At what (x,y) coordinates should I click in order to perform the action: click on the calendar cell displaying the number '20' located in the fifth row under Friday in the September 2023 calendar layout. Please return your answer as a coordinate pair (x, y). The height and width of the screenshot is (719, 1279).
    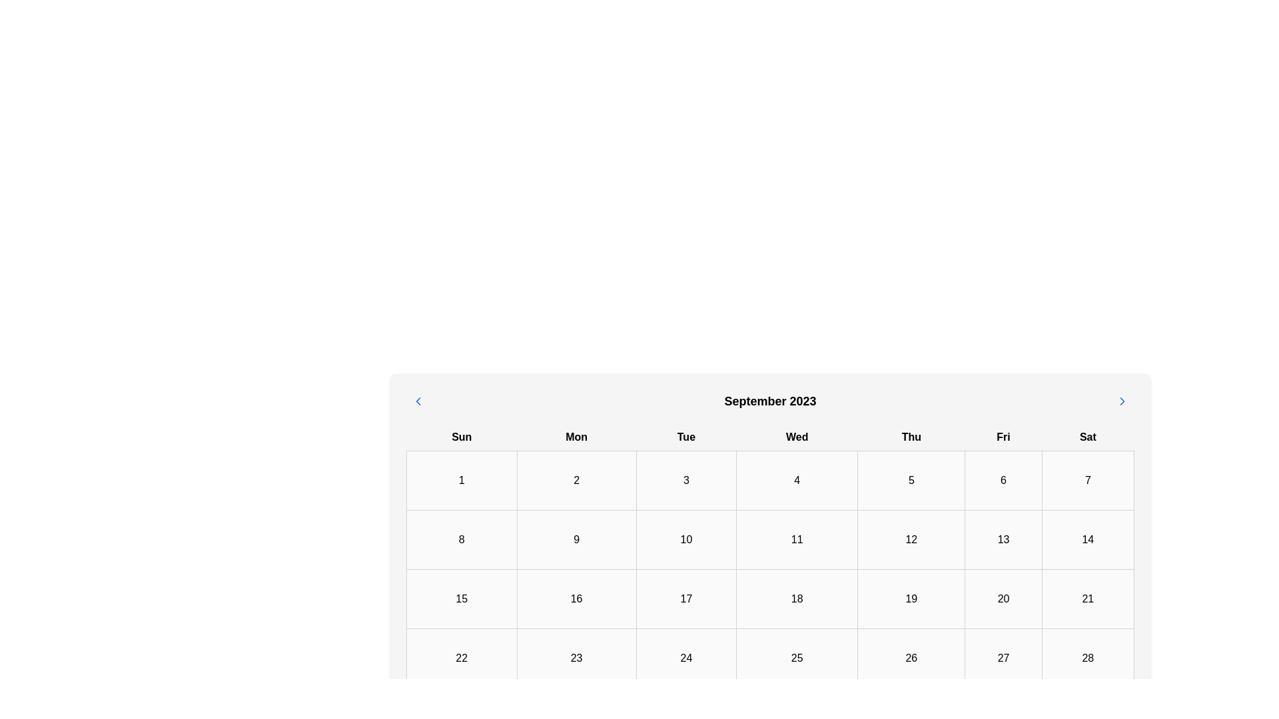
    Looking at the image, I should click on (1003, 598).